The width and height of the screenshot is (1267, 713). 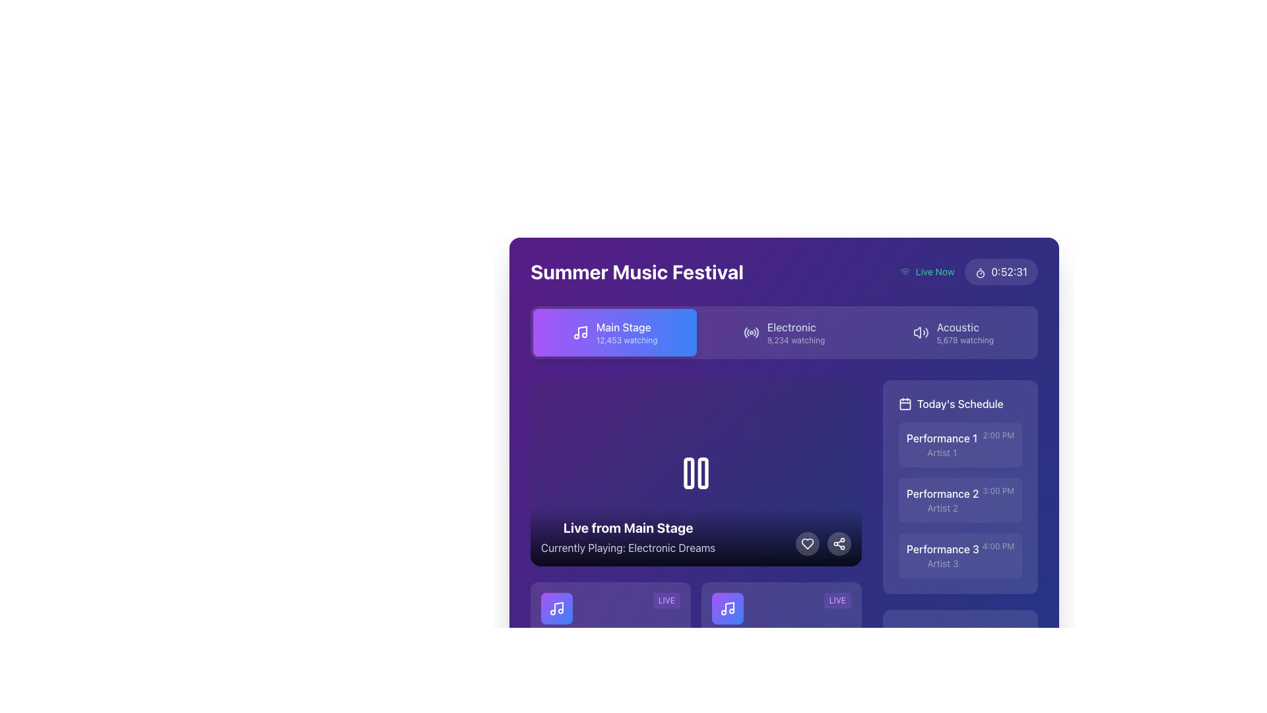 What do you see at coordinates (960, 403) in the screenshot?
I see `the Text label indicating today's schedule details, located at the top of the sidebar's schedule section` at bounding box center [960, 403].